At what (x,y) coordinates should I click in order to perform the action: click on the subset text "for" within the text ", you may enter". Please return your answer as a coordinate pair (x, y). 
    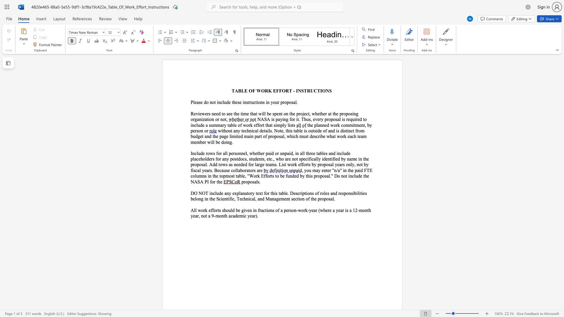
    Looking at the image, I should click on (210, 181).